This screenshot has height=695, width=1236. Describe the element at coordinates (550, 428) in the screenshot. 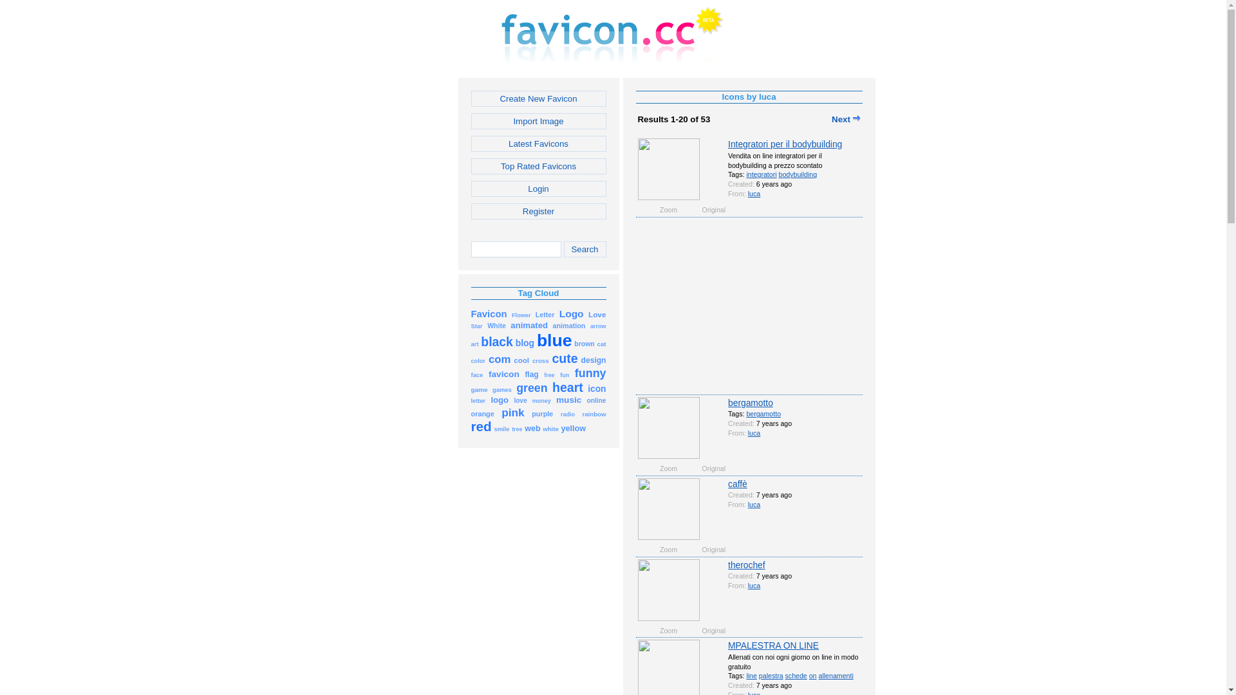

I see `'white'` at that location.